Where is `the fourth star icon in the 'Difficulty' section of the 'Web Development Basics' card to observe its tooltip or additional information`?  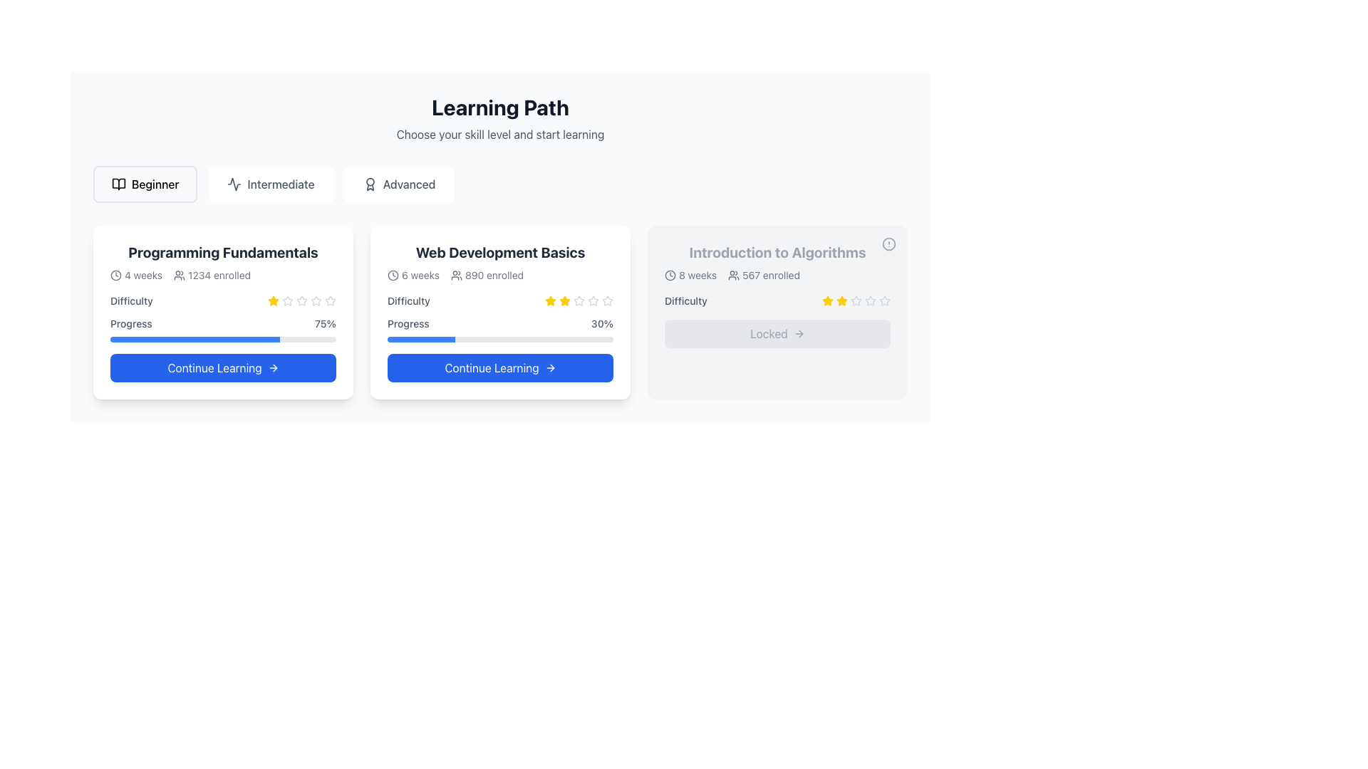 the fourth star icon in the 'Difficulty' section of the 'Web Development Basics' card to observe its tooltip or additional information is located at coordinates (579, 300).